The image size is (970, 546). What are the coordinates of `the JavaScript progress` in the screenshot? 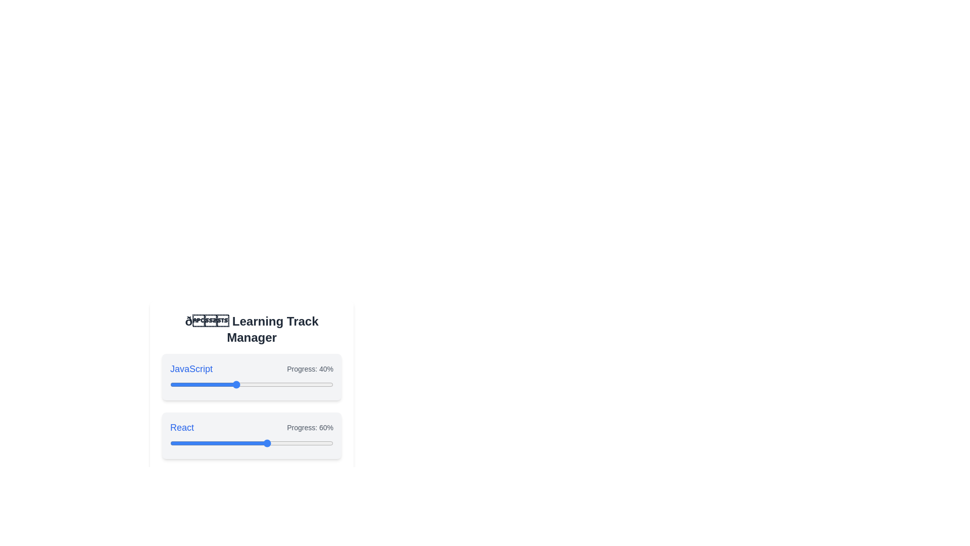 It's located at (297, 384).